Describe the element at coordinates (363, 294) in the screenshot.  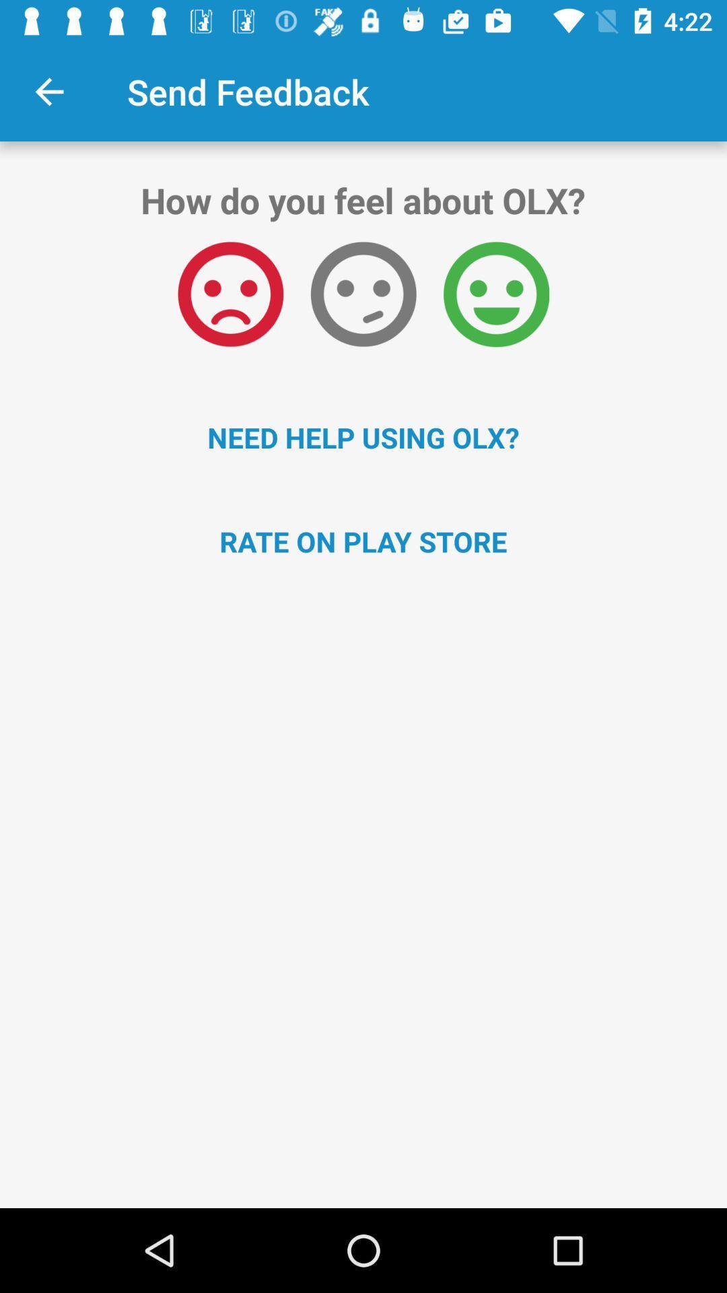
I see `the emoji icon` at that location.